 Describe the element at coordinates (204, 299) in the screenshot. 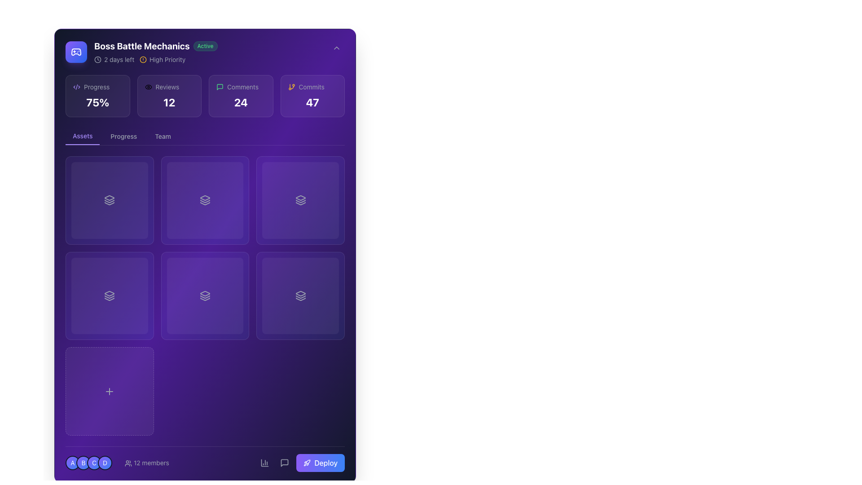

I see `the Decorative graphical icon, which is a light gray minimalistic stack of rectangles forming a triangular outline, located in the bottom-center cell of the 'Assets' tab grid` at that location.